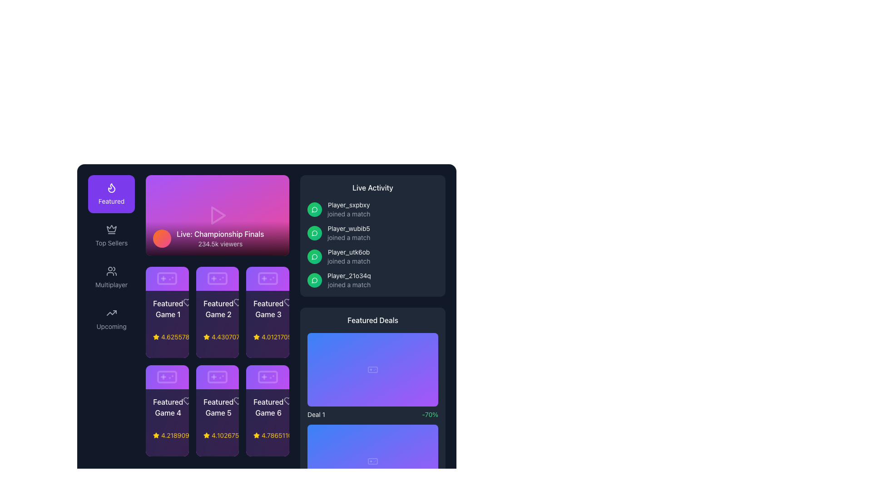 This screenshot has height=490, width=872. I want to click on the yellow star icon in the Rating indicator for 'Featured Game 2', so click(238, 337).